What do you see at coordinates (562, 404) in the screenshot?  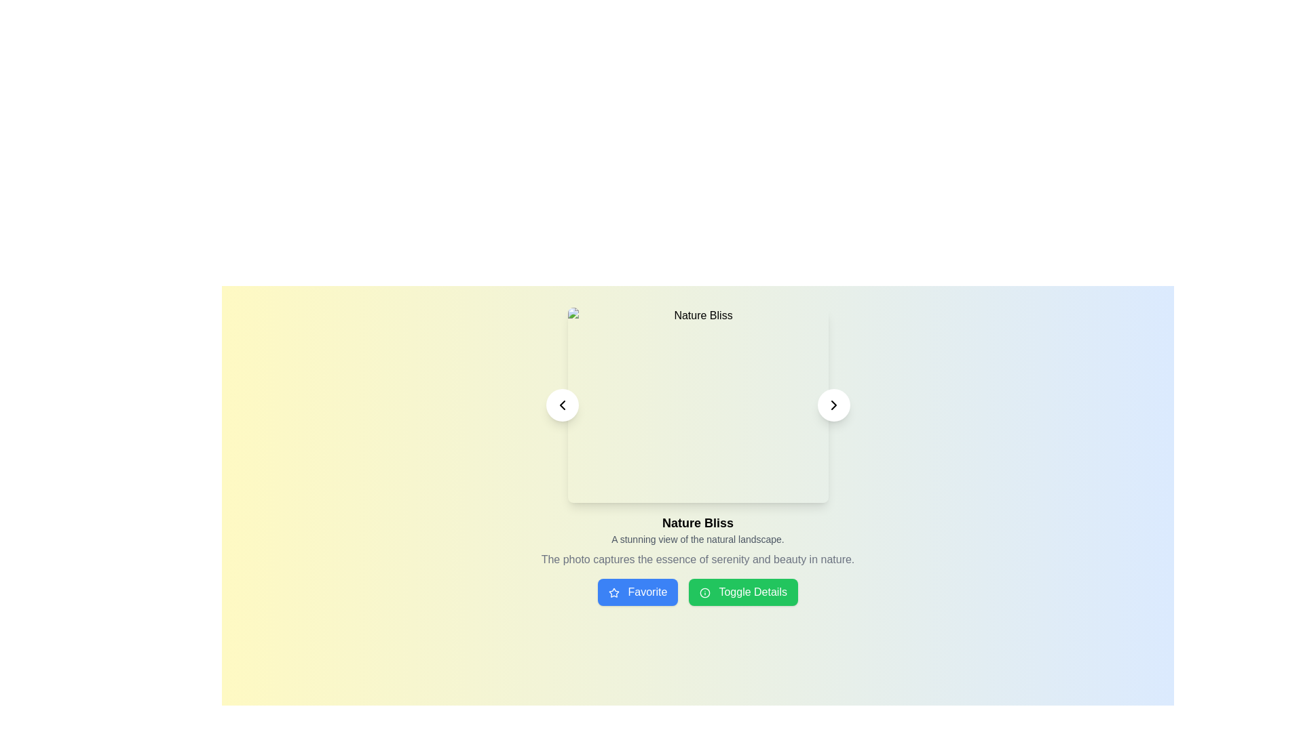 I see `the circular button with a white background and a left-pointing chevron icon` at bounding box center [562, 404].